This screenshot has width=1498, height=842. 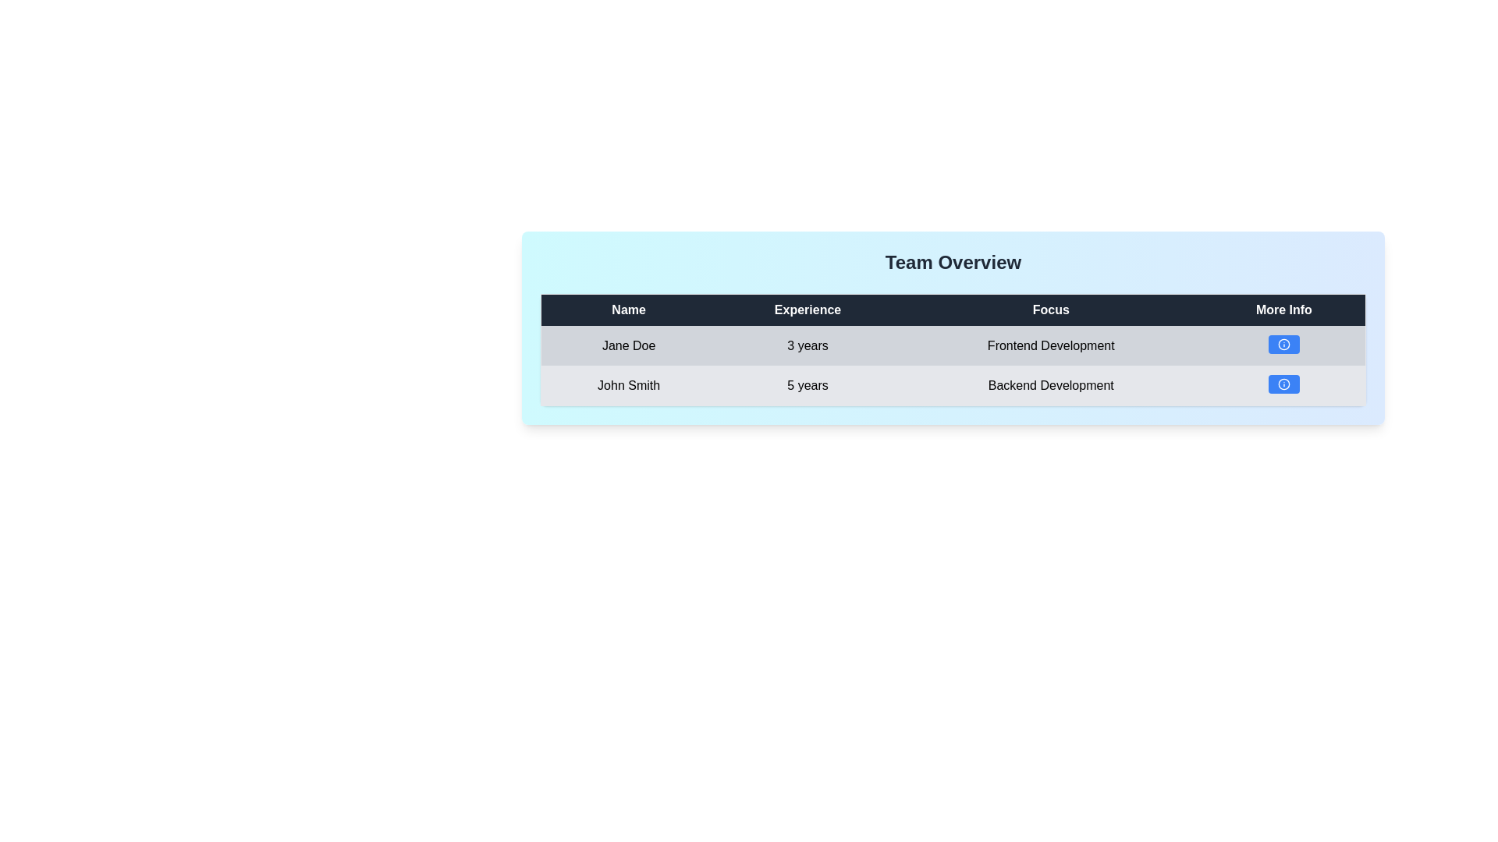 I want to click on the Table Header Cell labeled 'Name' to sort the table by this column, so click(x=628, y=310).